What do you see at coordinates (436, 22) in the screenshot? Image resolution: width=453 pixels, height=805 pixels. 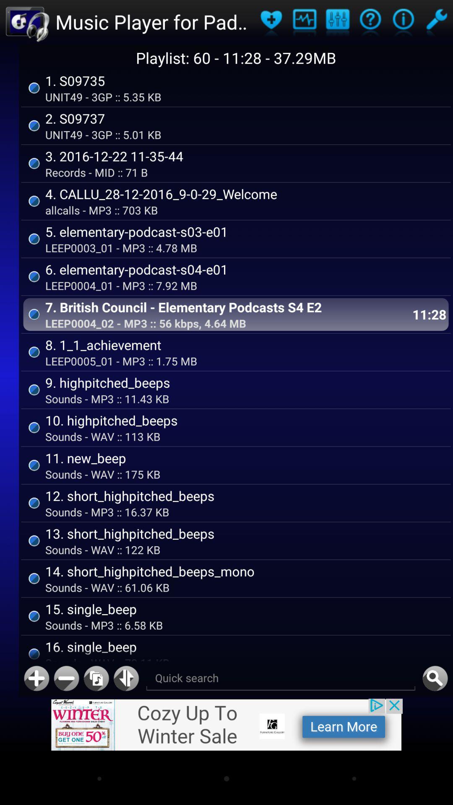 I see `open a playlist` at bounding box center [436, 22].